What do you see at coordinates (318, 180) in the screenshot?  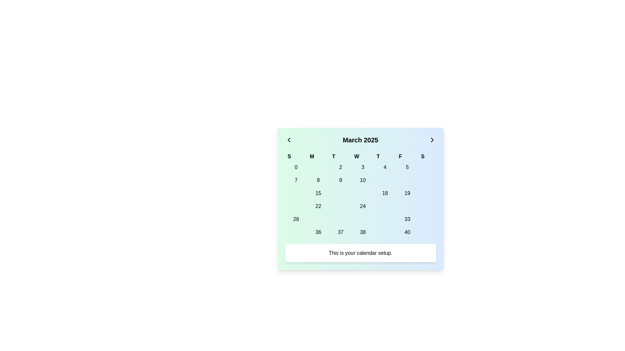 I see `the Text element displaying the number '8', which is positioned in the second column of the first row of digits, between '7' and '9'` at bounding box center [318, 180].